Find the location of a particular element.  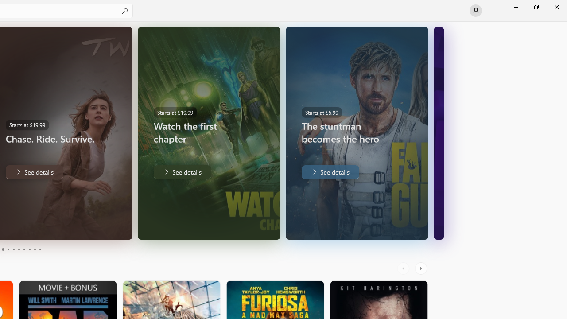

'Page 3' is located at coordinates (2, 249).